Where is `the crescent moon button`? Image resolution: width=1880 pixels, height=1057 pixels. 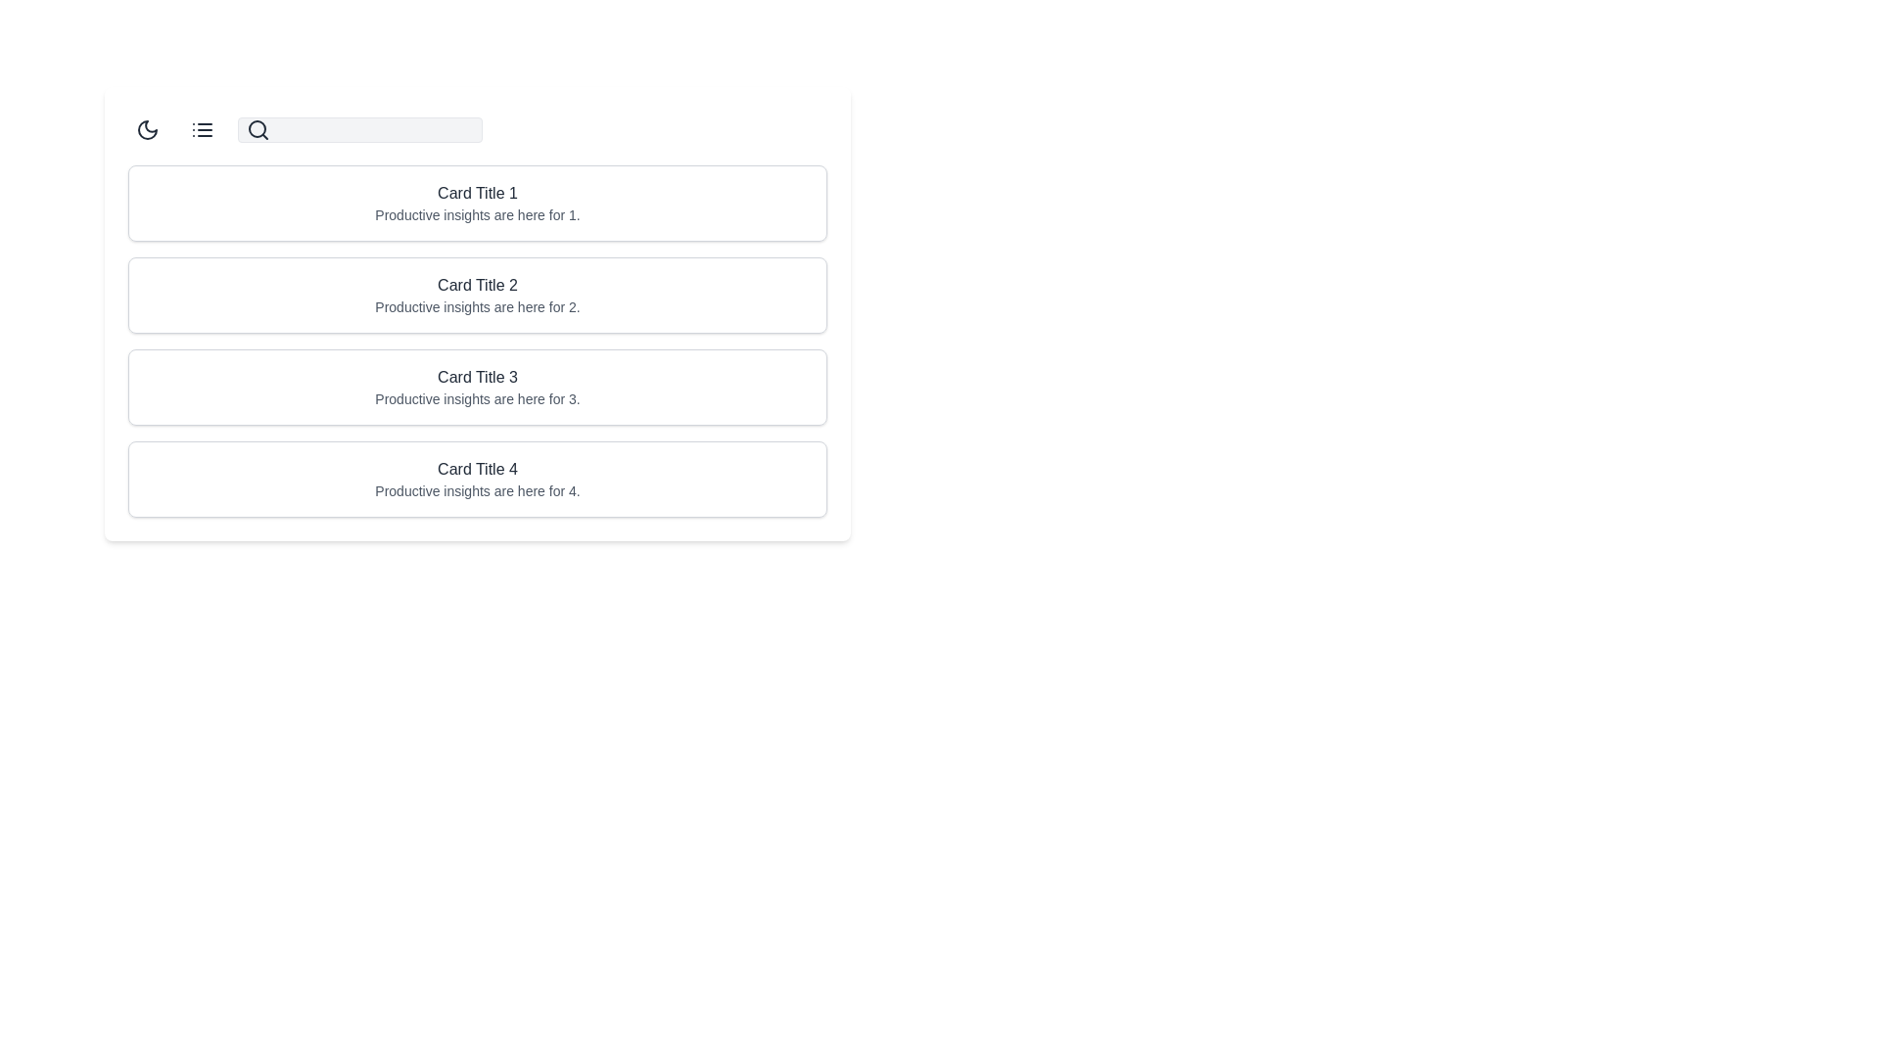
the crescent moon button is located at coordinates (146, 129).